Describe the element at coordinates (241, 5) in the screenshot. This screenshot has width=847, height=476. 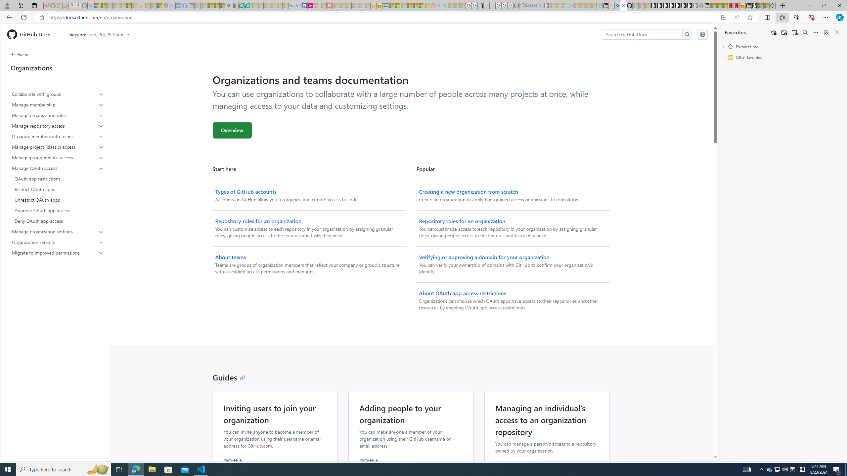
I see `'Terms of Use Agreement'` at that location.